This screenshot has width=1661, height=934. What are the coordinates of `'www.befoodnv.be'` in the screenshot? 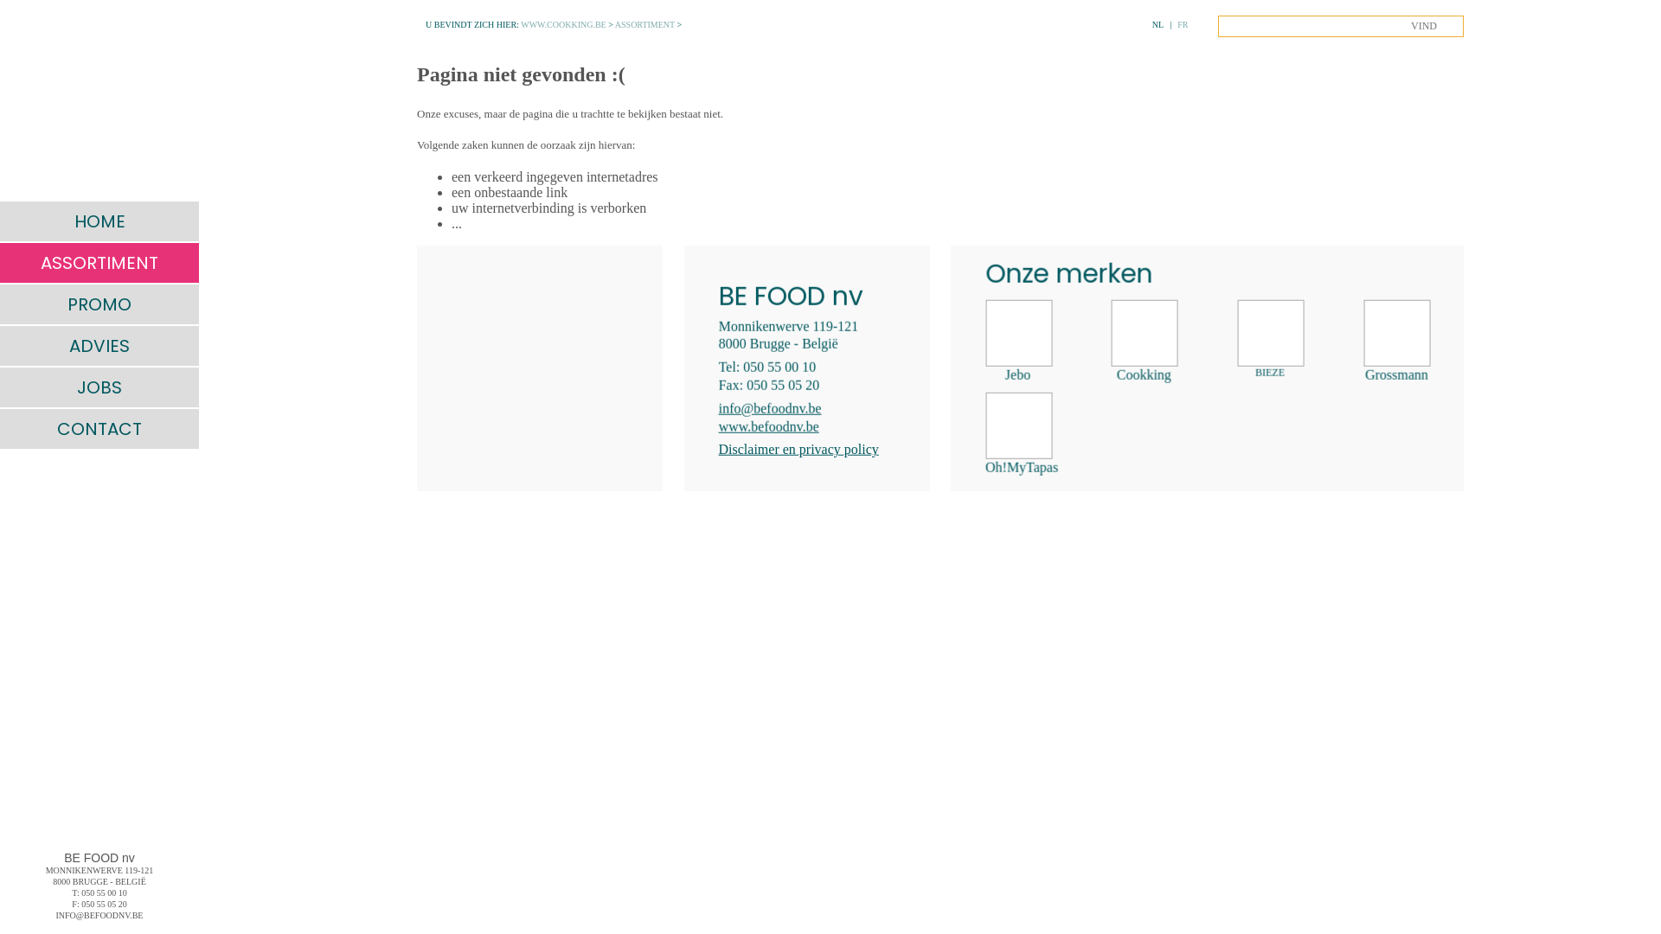 It's located at (767, 425).